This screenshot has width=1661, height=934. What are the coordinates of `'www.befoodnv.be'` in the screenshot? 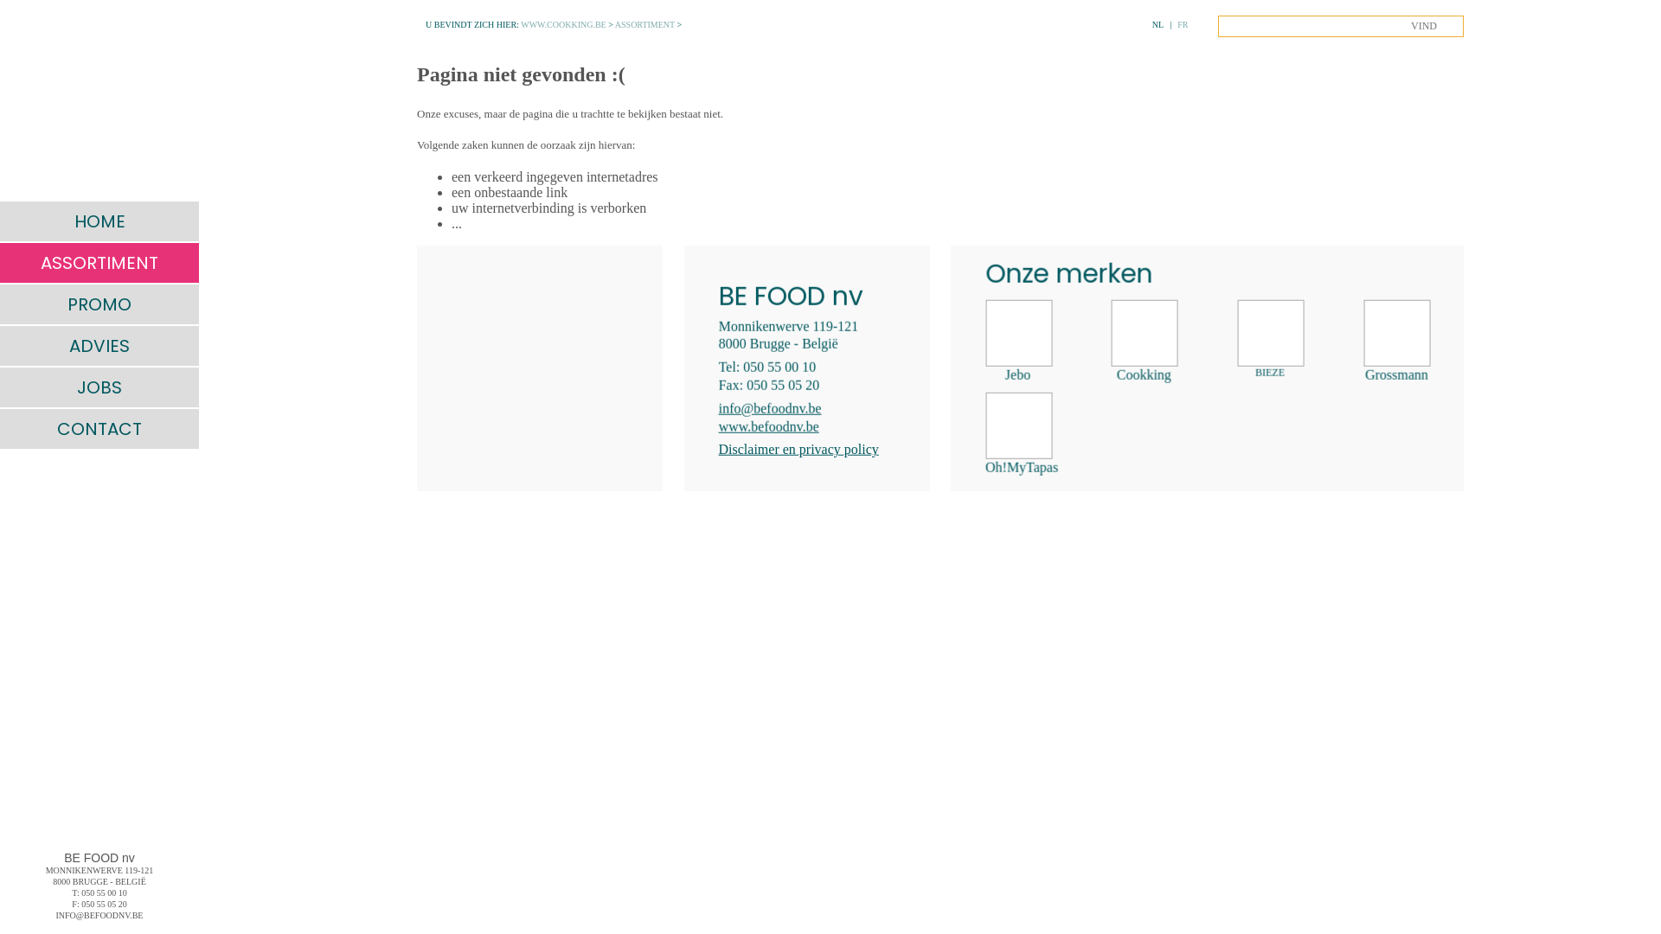 It's located at (767, 425).